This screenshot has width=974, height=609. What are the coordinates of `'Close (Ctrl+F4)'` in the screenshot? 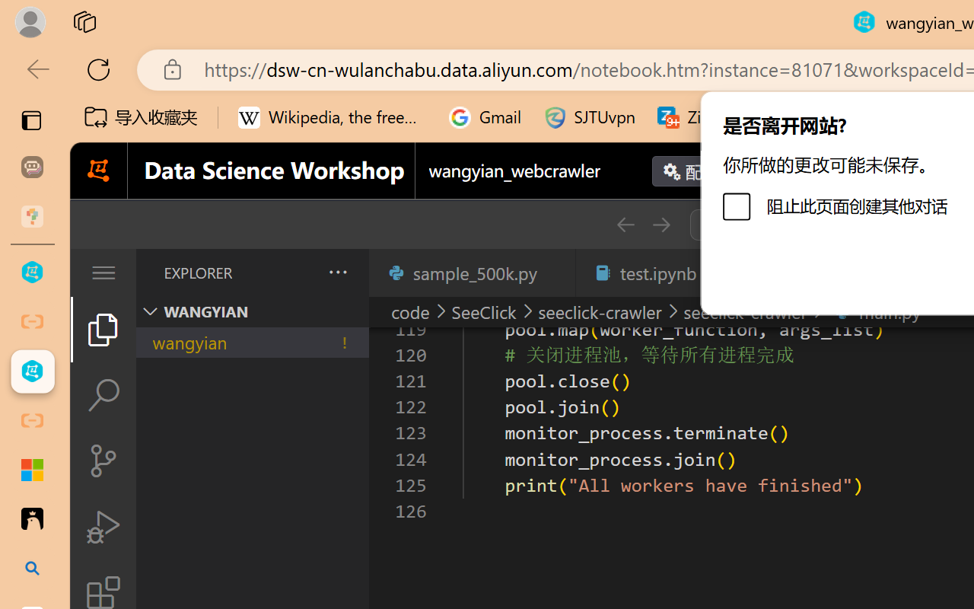 It's located at (555, 273).